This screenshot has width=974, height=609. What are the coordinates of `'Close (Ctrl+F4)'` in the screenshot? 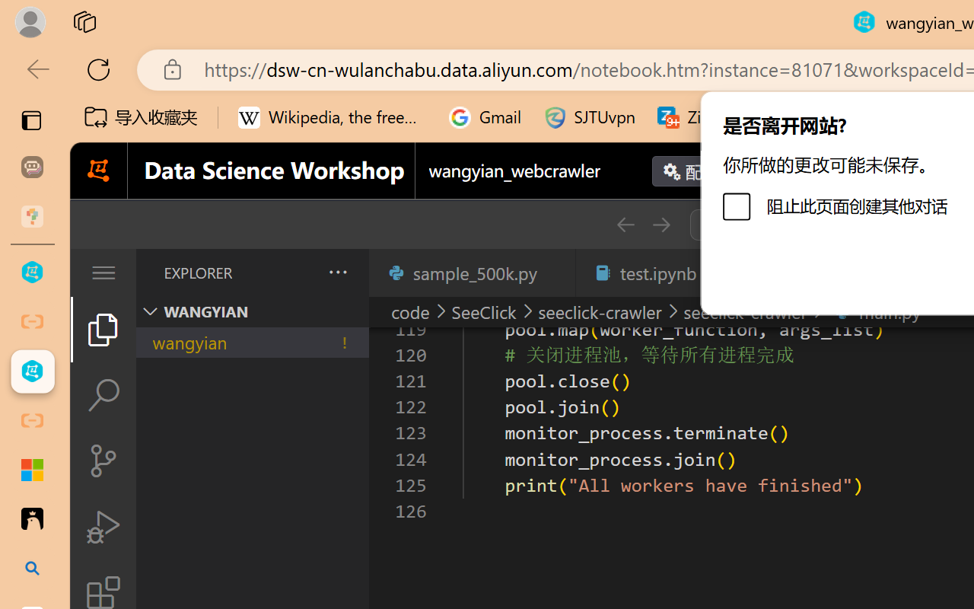 It's located at (555, 273).